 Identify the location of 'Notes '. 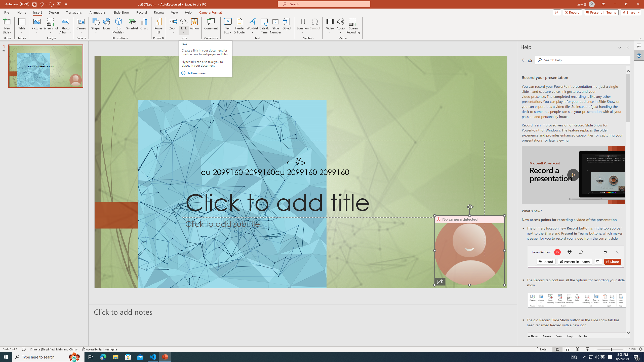
(542, 349).